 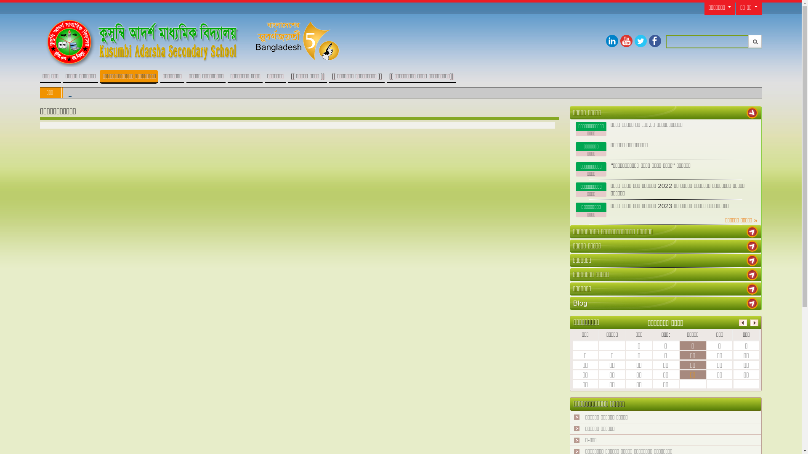 What do you see at coordinates (755, 41) in the screenshot?
I see `'Submit'` at bounding box center [755, 41].